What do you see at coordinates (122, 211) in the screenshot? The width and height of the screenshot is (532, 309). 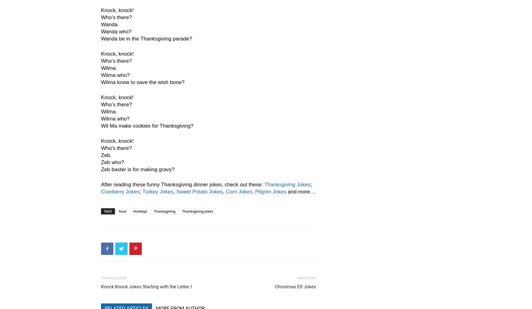 I see `'food'` at bounding box center [122, 211].